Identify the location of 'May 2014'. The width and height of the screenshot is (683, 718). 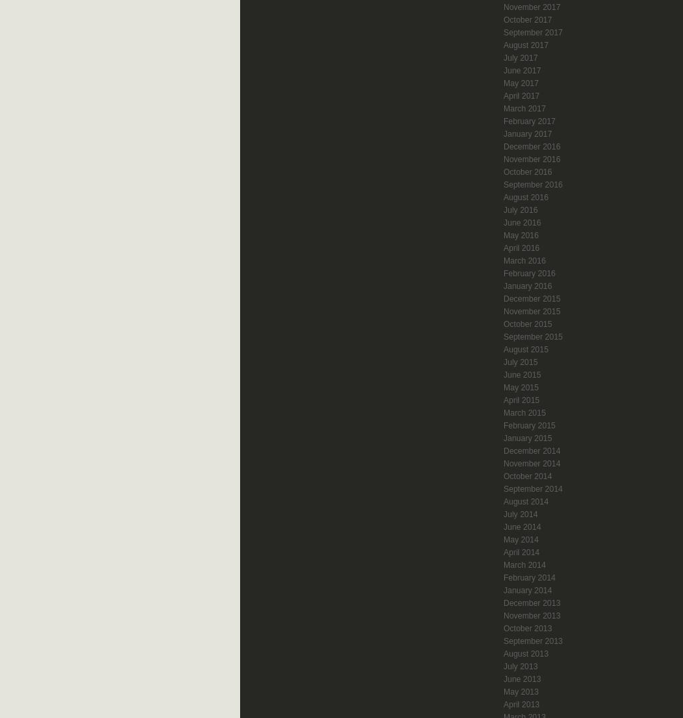
(521, 539).